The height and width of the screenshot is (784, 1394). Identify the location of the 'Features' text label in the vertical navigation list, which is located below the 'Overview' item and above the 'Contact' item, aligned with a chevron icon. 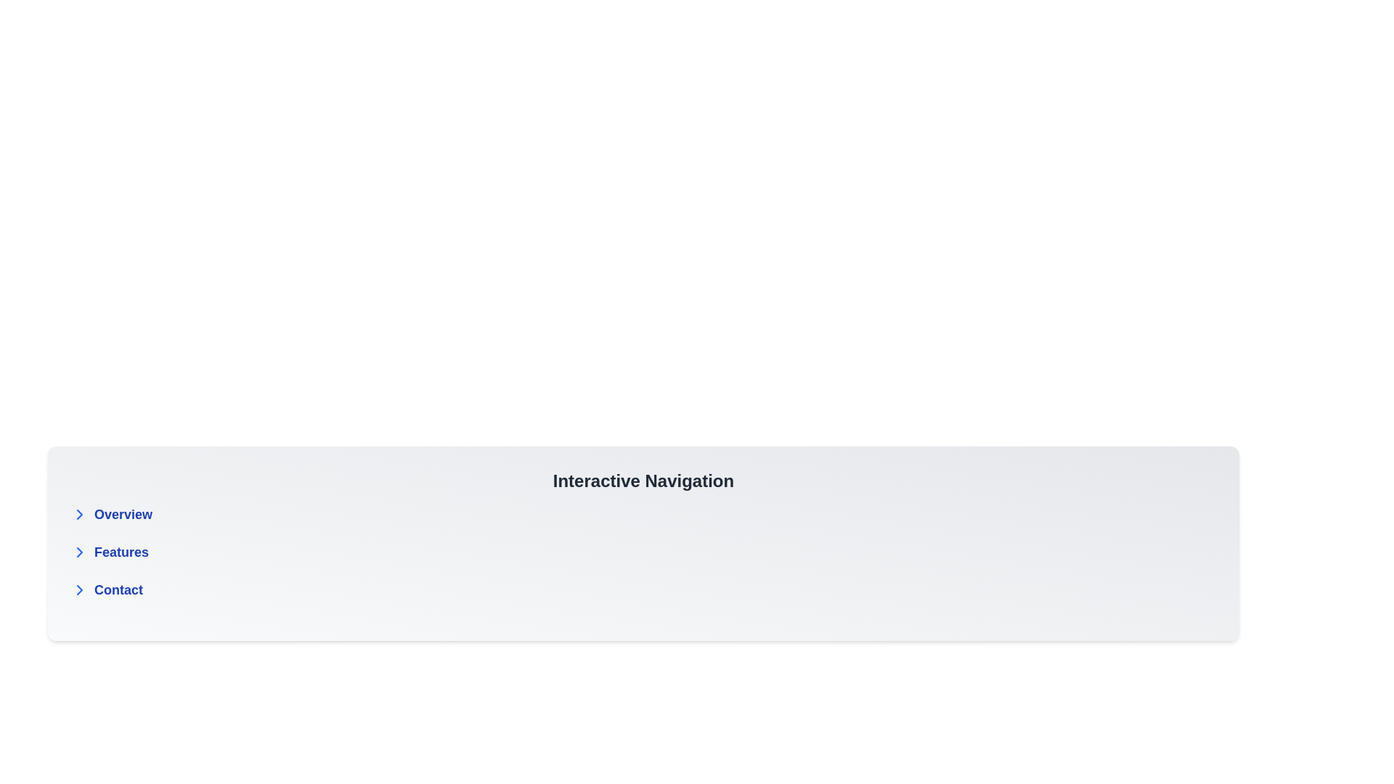
(121, 552).